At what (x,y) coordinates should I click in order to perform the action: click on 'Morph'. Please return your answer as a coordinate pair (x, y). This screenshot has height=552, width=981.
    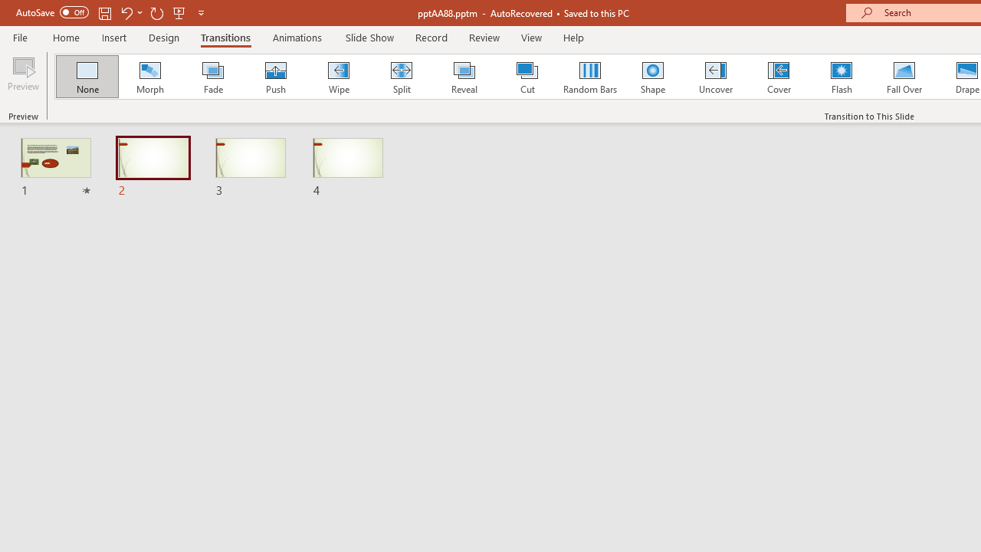
    Looking at the image, I should click on (149, 77).